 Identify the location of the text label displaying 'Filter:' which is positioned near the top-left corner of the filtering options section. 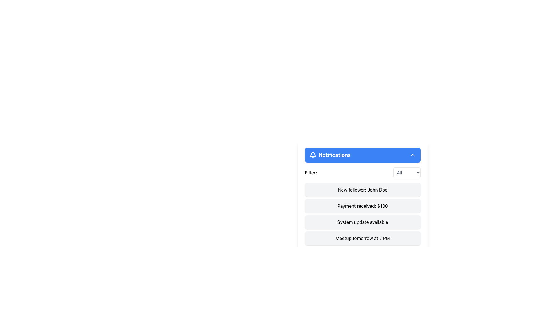
(310, 172).